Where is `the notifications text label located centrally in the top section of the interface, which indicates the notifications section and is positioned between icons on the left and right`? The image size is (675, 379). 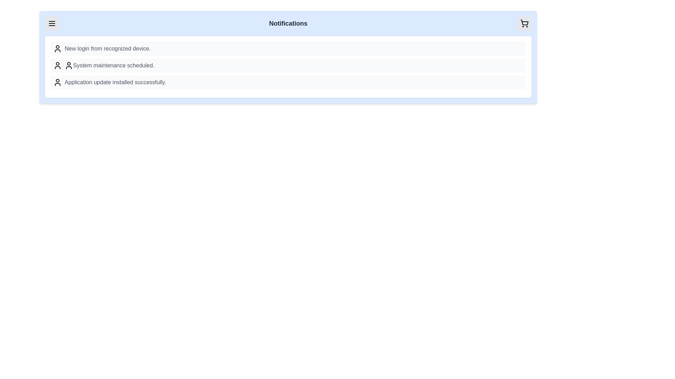
the notifications text label located centrally in the top section of the interface, which indicates the notifications section and is positioned between icons on the left and right is located at coordinates (288, 23).